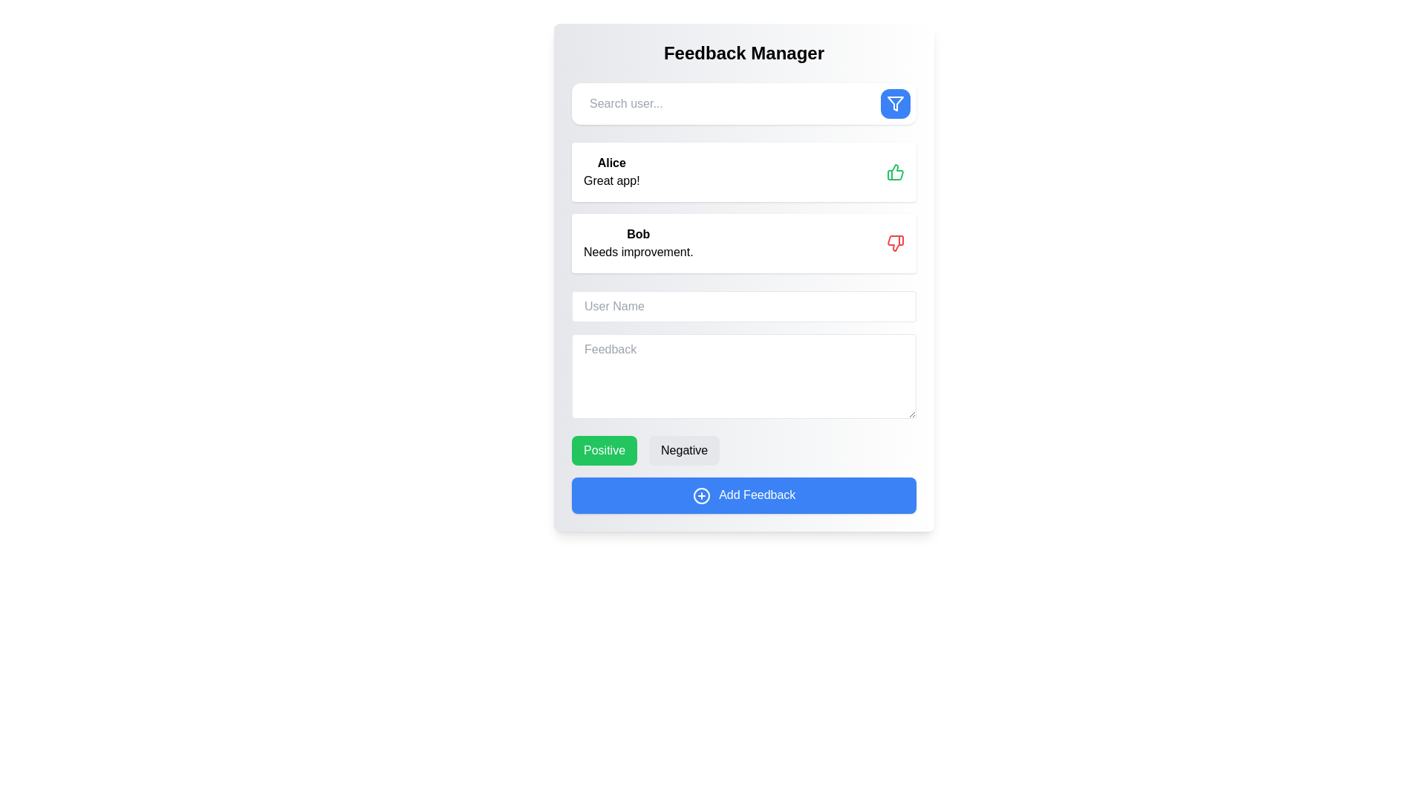 The image size is (1426, 802). What do you see at coordinates (894, 102) in the screenshot?
I see `the blue funnel icon located in the top-right corner of the application interface, which is inside a blue circular button` at bounding box center [894, 102].